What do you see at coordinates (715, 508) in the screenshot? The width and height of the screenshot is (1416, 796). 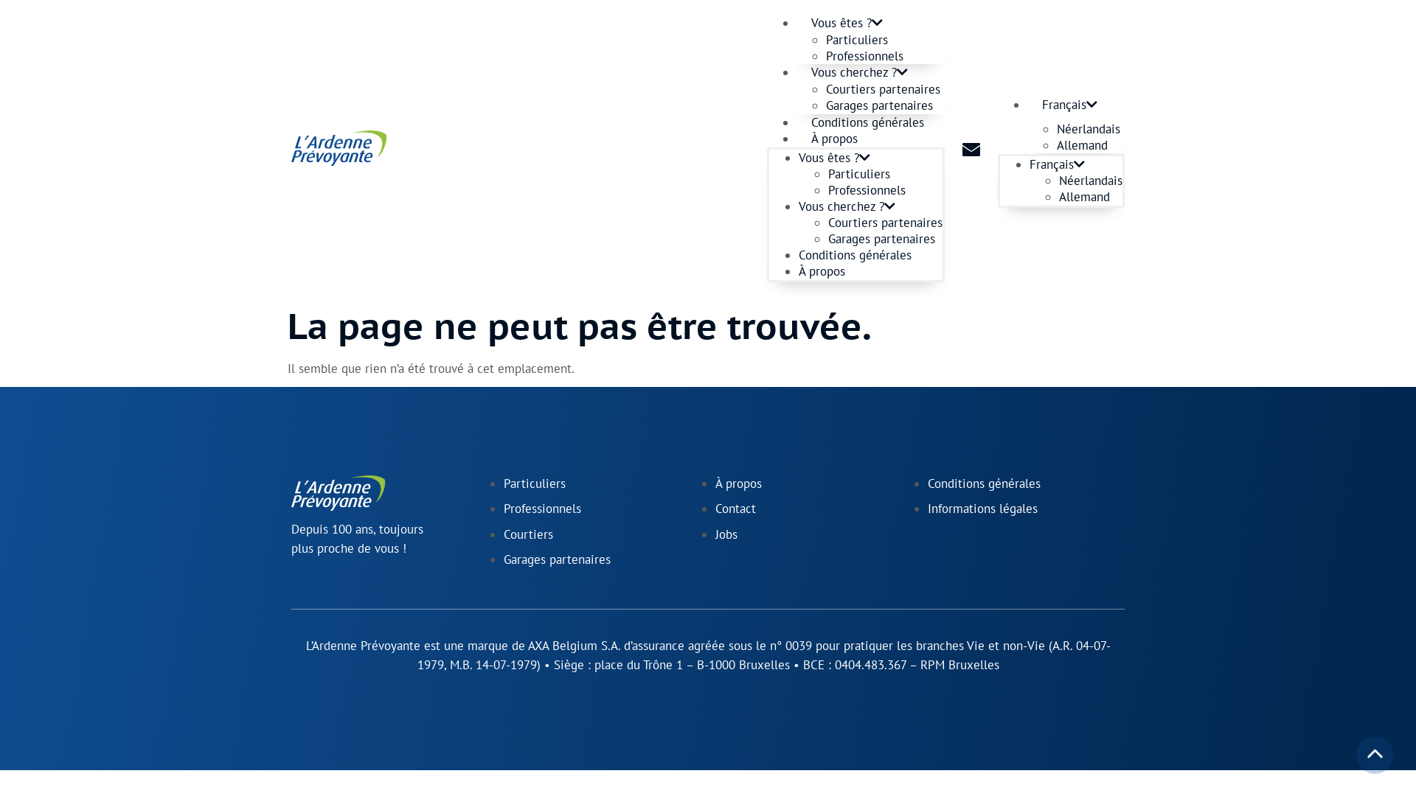 I see `'Contact'` at bounding box center [715, 508].